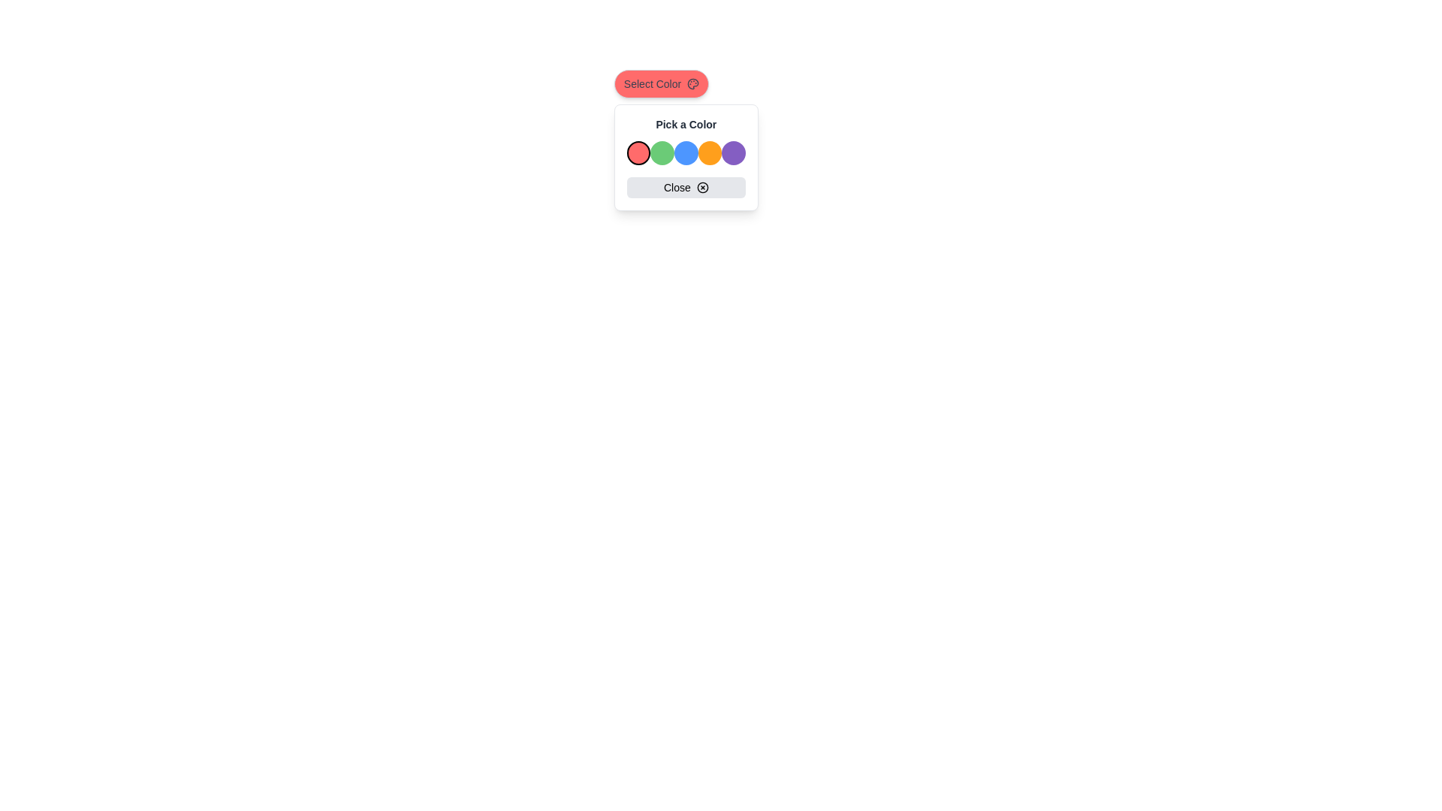  What do you see at coordinates (734, 153) in the screenshot?
I see `the fifth circle in the horizontal row of selectable color options within the 'Pick a Color' modal` at bounding box center [734, 153].